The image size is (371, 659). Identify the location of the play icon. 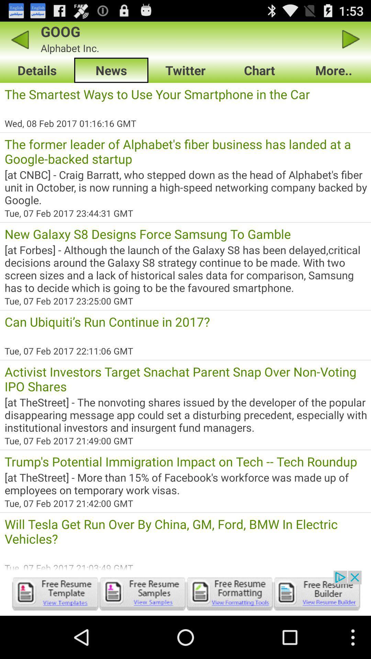
(351, 42).